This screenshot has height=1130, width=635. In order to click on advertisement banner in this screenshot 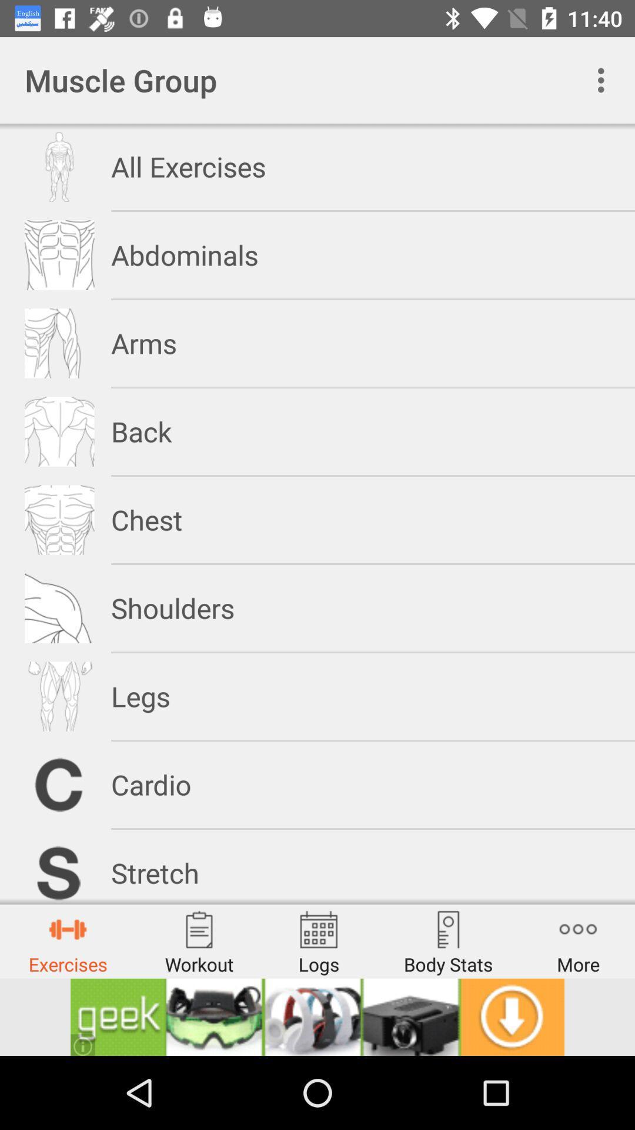, I will do `click(317, 1016)`.